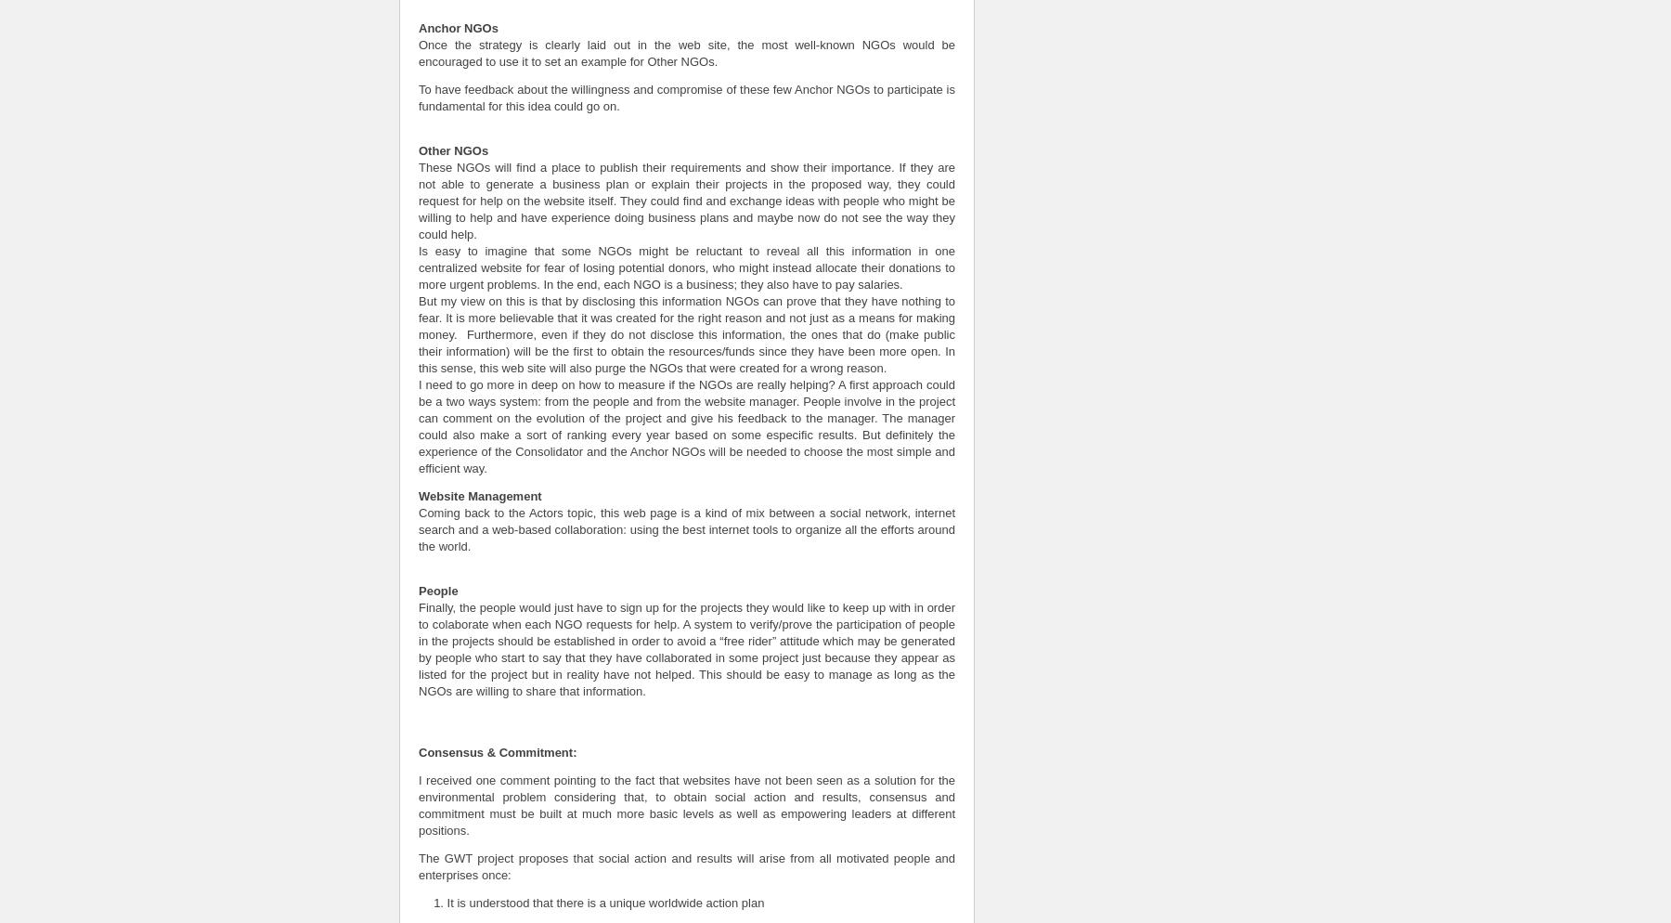 Image resolution: width=1671 pixels, height=923 pixels. I want to click on 'Finally, the people would just have to sign up for the projects they would like to keep up with in order to colaborate when each NGO requests for help. A system to verify/prove the participation of people in the projects should be established in order to avoid a “free rider” attitude which may be generated by people who start to say that they have collaborated in some project just because they appear as listed for the project but in reality have not helped. This should be easy to manage as long as the NGOs are willing to share that information.', so click(685, 647).